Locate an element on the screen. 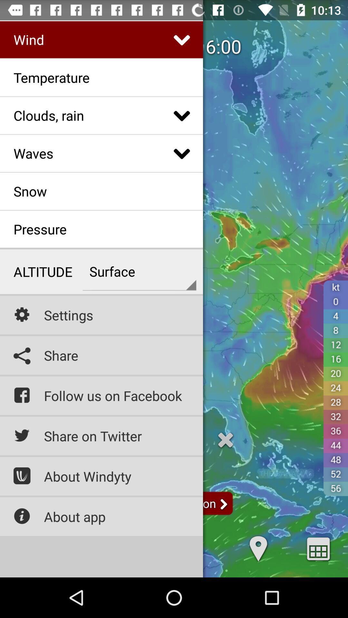 This screenshot has height=618, width=348. the right scroll bar is located at coordinates (223, 505).